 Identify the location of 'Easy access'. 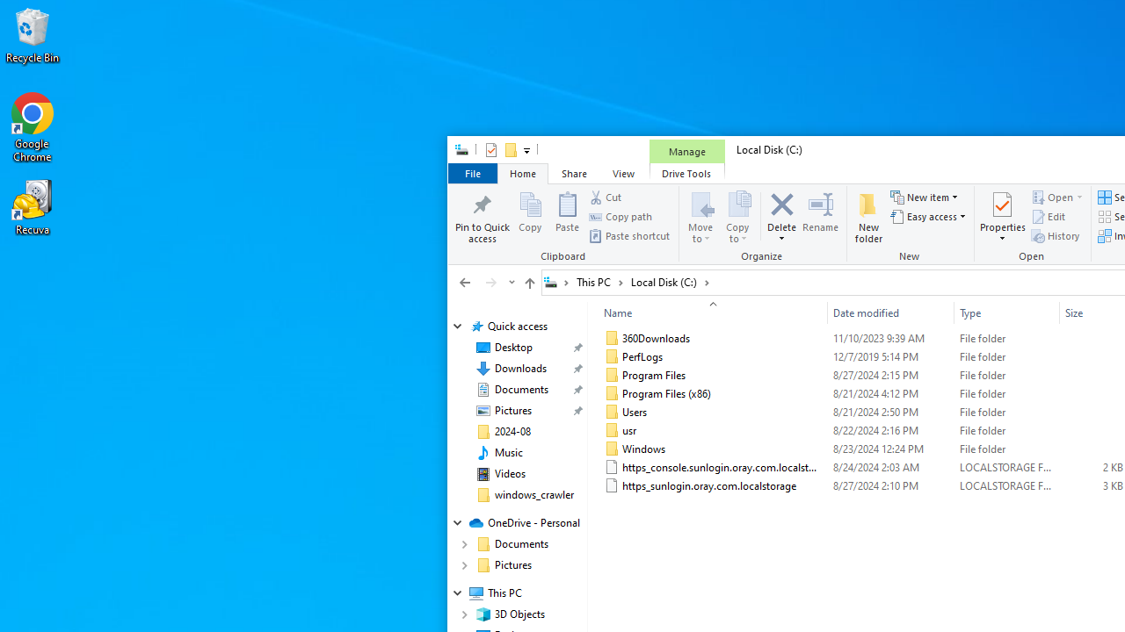
(927, 215).